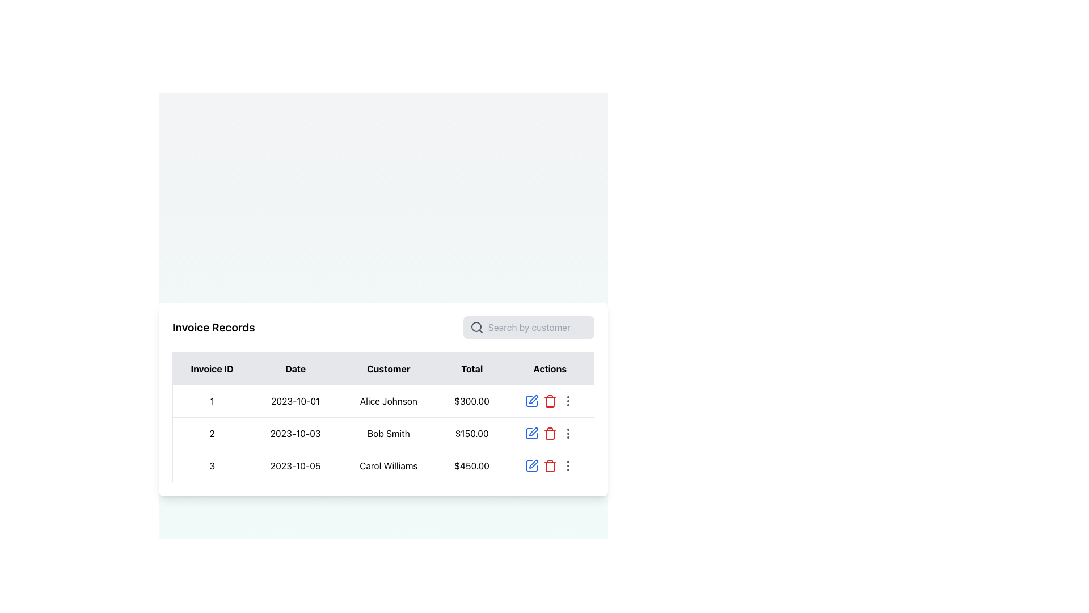 This screenshot has height=613, width=1089. Describe the element at coordinates (550, 368) in the screenshot. I see `the 'Actions' table header, which is the fifth column with bold black text on a light gray background, located at the topmost row of the table` at that location.